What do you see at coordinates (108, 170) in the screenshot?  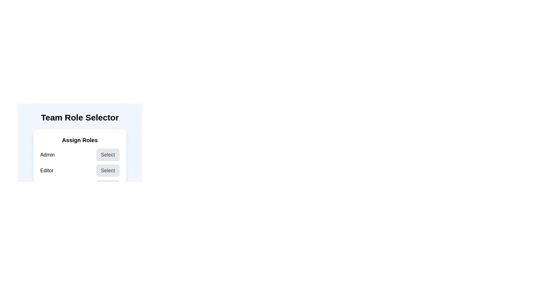 I see `'Select' button for the Editor role` at bounding box center [108, 170].